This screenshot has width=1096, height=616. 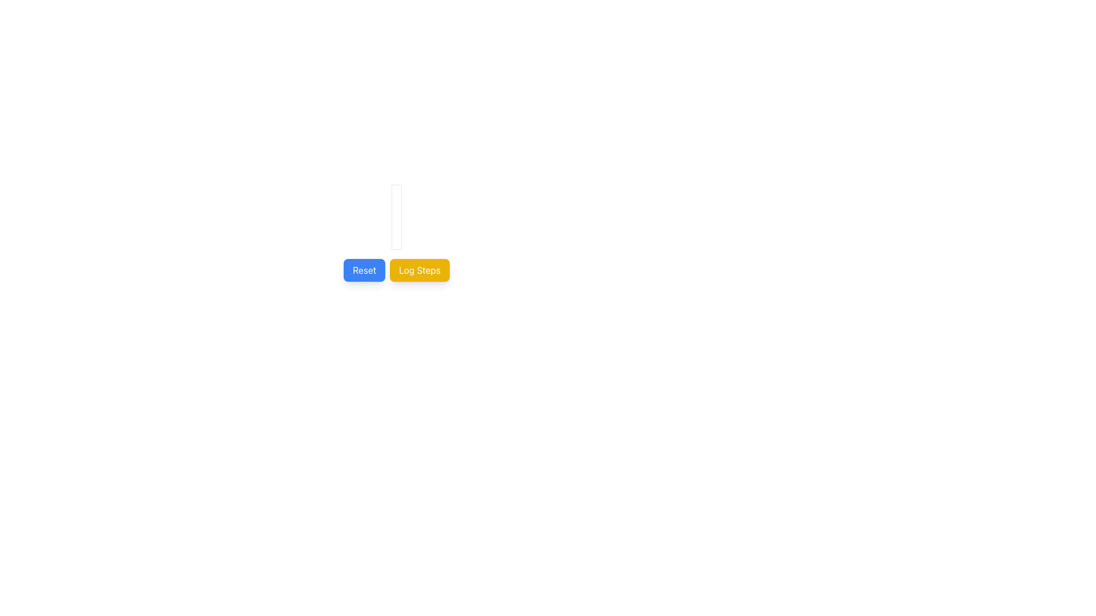 I want to click on to rearrange the circular toggle buttons in the compact grid layout located centrally above the 'Reset' and 'Log Steps' buttons, so click(x=397, y=217).